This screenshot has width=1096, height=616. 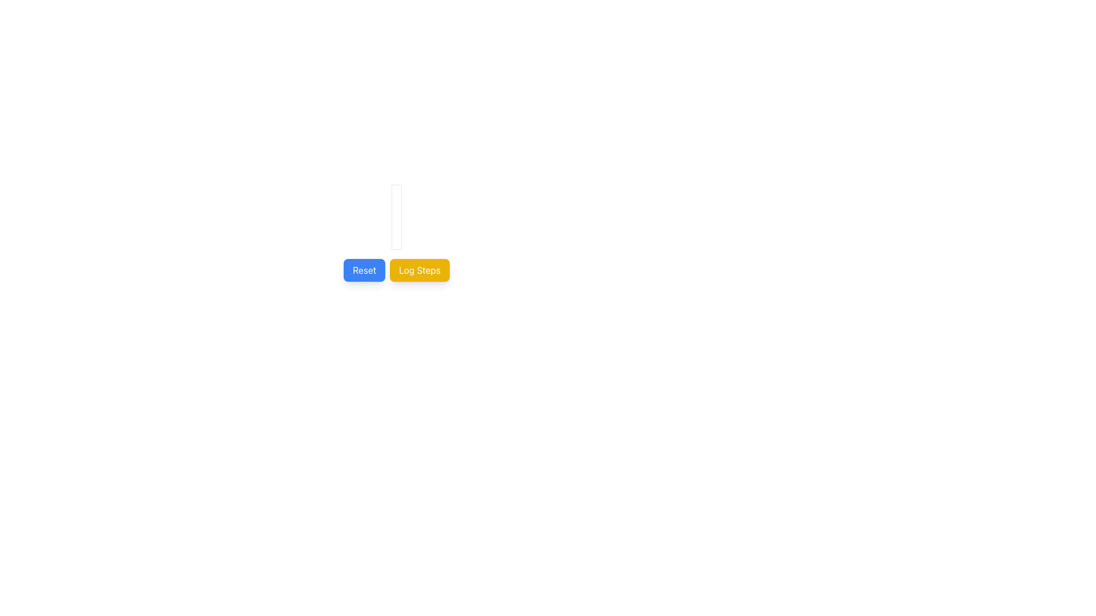 I want to click on to rearrange the circular toggle buttons in the compact grid layout located centrally above the 'Reset' and 'Log Steps' buttons, so click(x=397, y=217).